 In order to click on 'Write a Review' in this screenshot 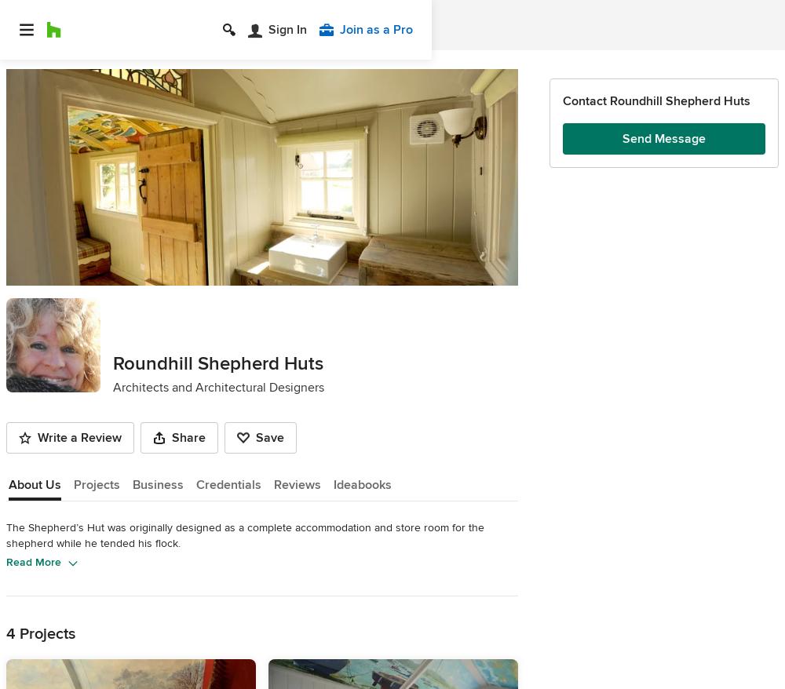, I will do `click(78, 436)`.